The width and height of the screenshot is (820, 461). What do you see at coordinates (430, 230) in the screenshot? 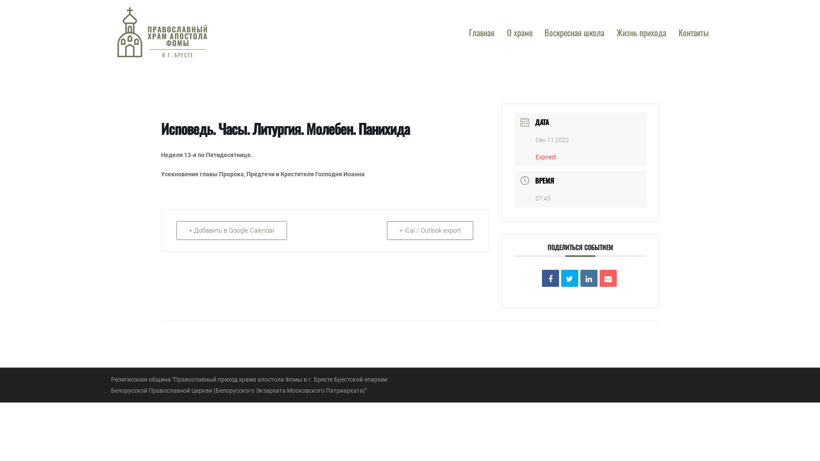
I see `'+ iCal / Outlook export'` at bounding box center [430, 230].